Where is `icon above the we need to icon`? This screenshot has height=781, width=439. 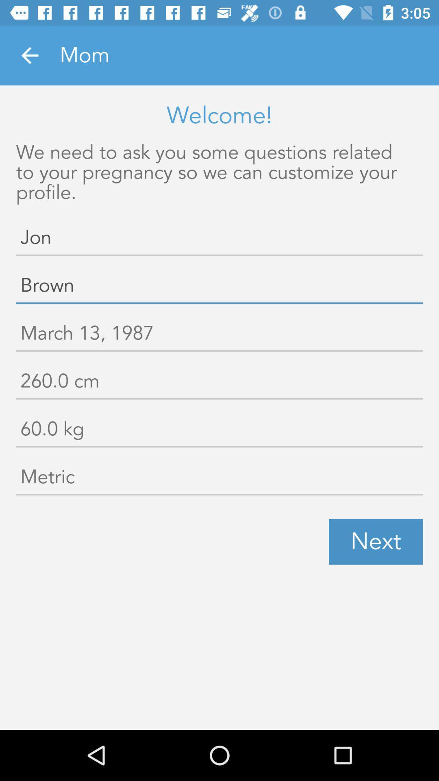 icon above the we need to icon is located at coordinates (29, 55).